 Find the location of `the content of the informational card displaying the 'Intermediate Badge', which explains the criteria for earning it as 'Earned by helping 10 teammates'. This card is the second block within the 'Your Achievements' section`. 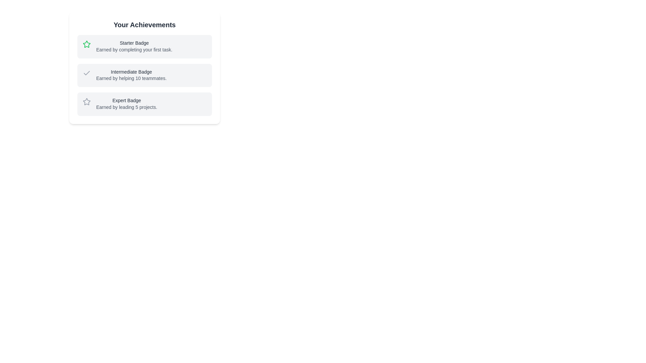

the content of the informational card displaying the 'Intermediate Badge', which explains the criteria for earning it as 'Earned by helping 10 teammates'. This card is the second block within the 'Your Achievements' section is located at coordinates (144, 68).